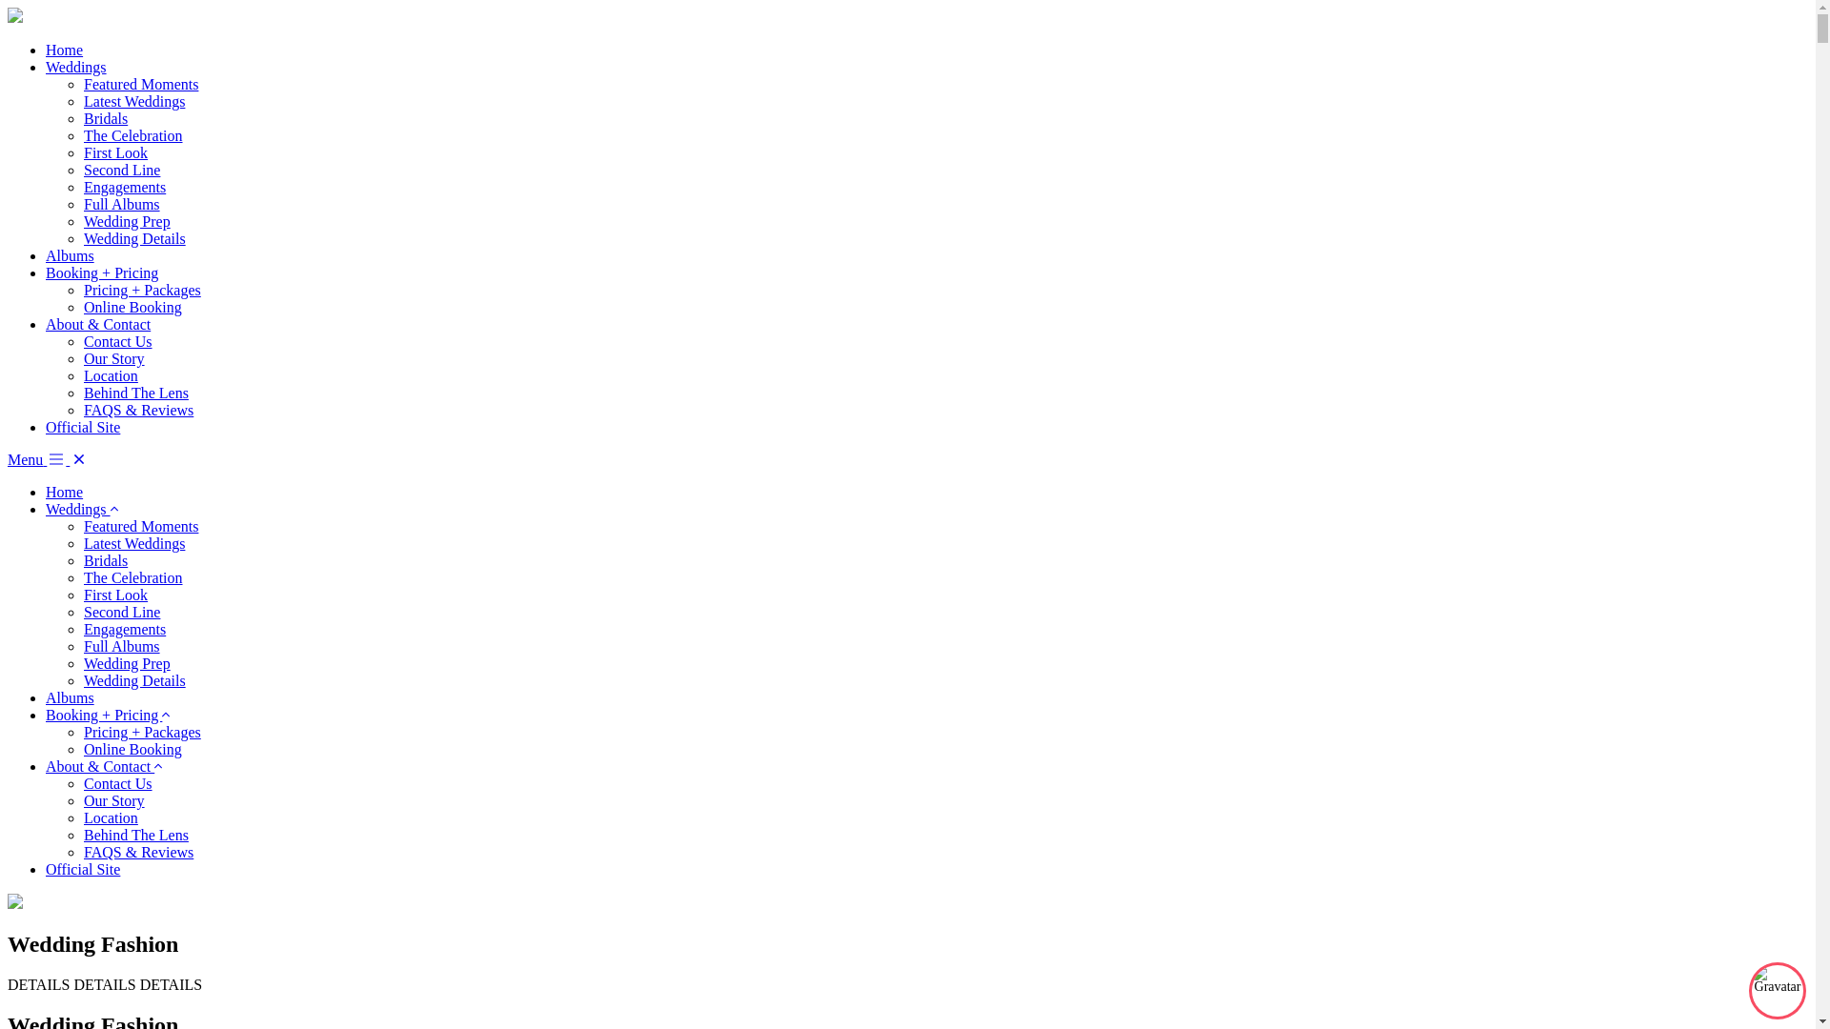 The image size is (1830, 1029). What do you see at coordinates (76, 66) in the screenshot?
I see `'Weddings'` at bounding box center [76, 66].